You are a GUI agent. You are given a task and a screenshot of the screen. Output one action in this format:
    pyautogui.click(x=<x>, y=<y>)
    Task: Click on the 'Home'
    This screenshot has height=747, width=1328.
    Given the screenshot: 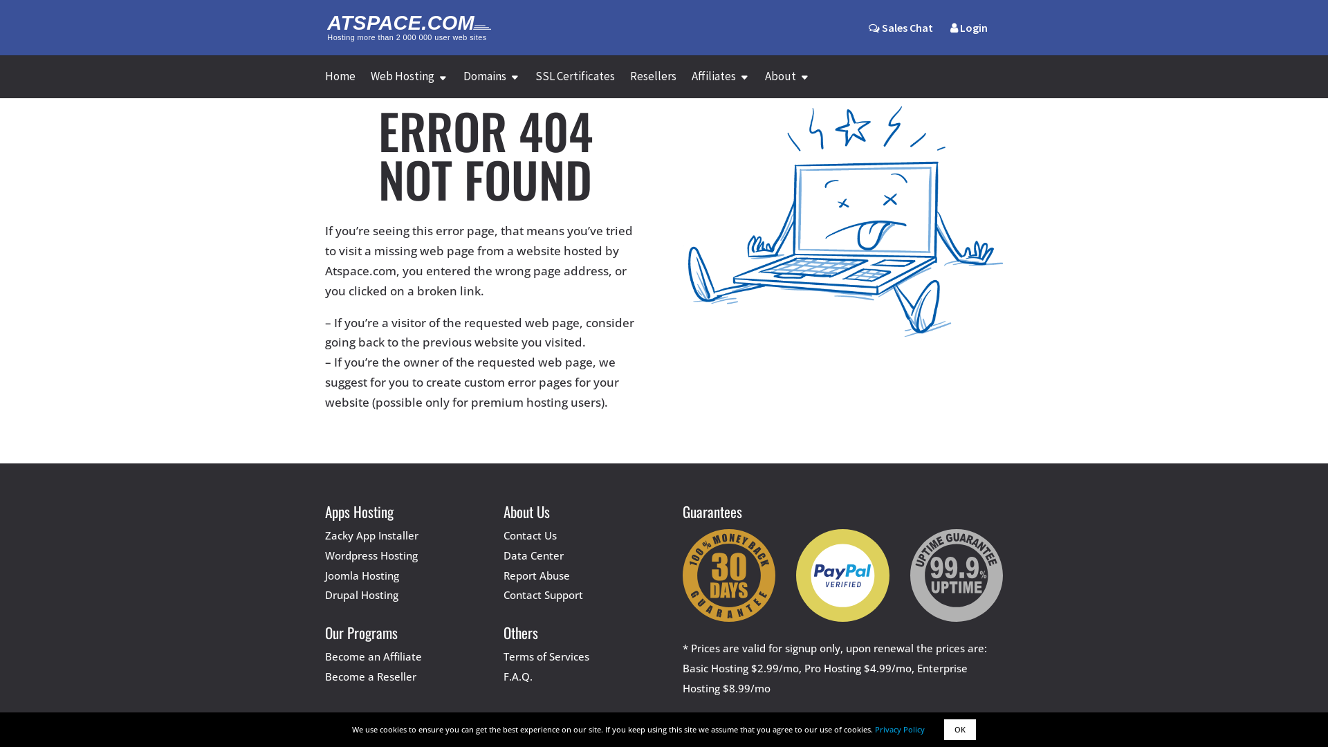 What is the action you would take?
    pyautogui.click(x=340, y=84)
    